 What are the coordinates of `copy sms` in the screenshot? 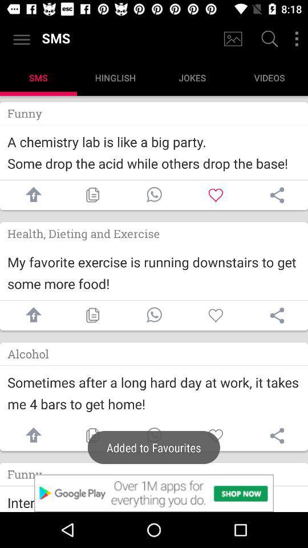 It's located at (92, 315).